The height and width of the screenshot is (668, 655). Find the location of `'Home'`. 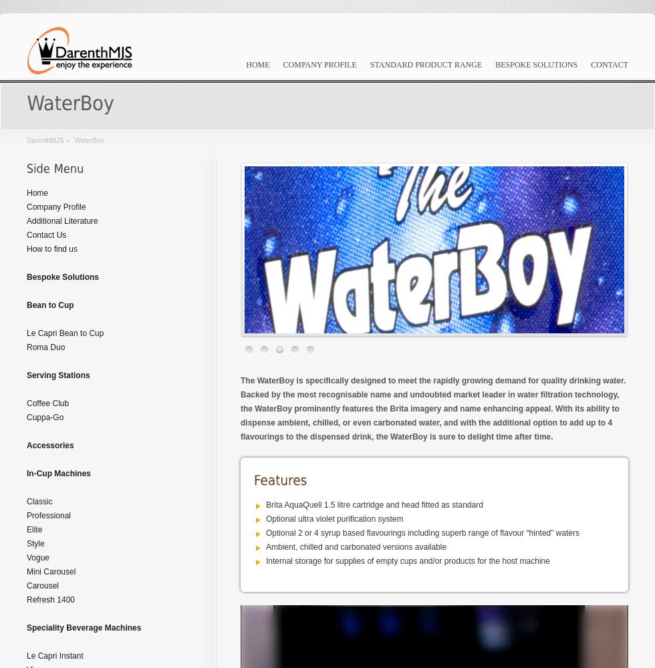

'Home' is located at coordinates (26, 193).